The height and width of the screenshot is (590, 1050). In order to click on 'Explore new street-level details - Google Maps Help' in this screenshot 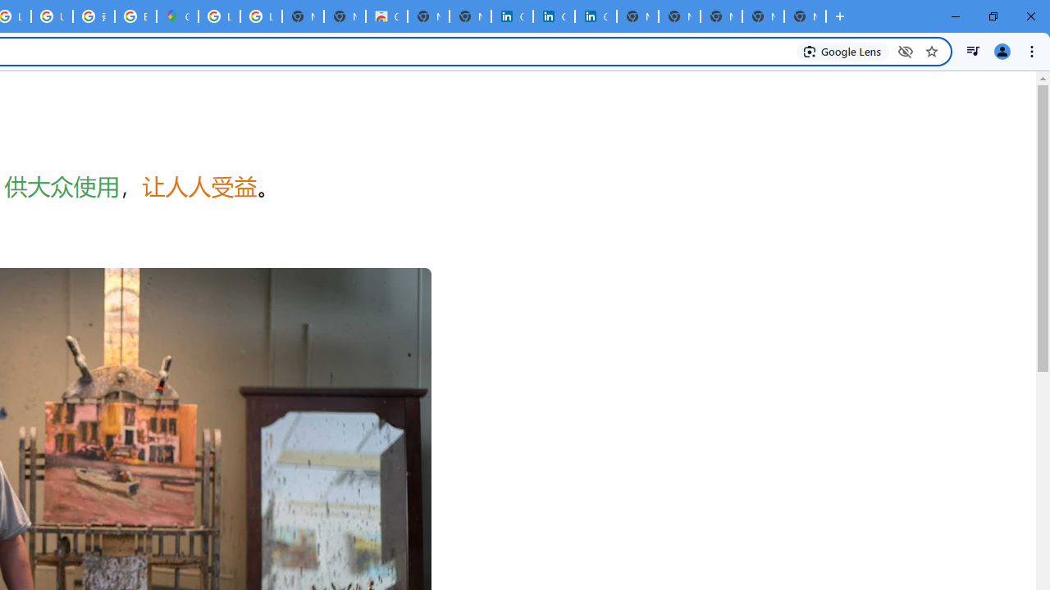, I will do `click(135, 16)`.